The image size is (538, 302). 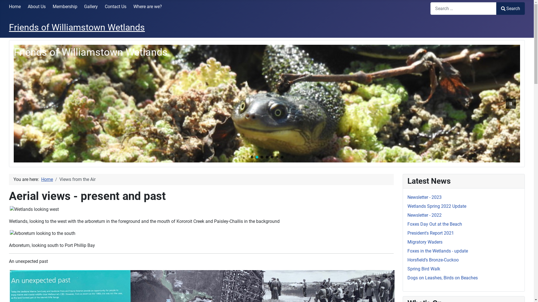 What do you see at coordinates (407, 278) in the screenshot?
I see `'Dogs on Leashes, Birds on Beaches'` at bounding box center [407, 278].